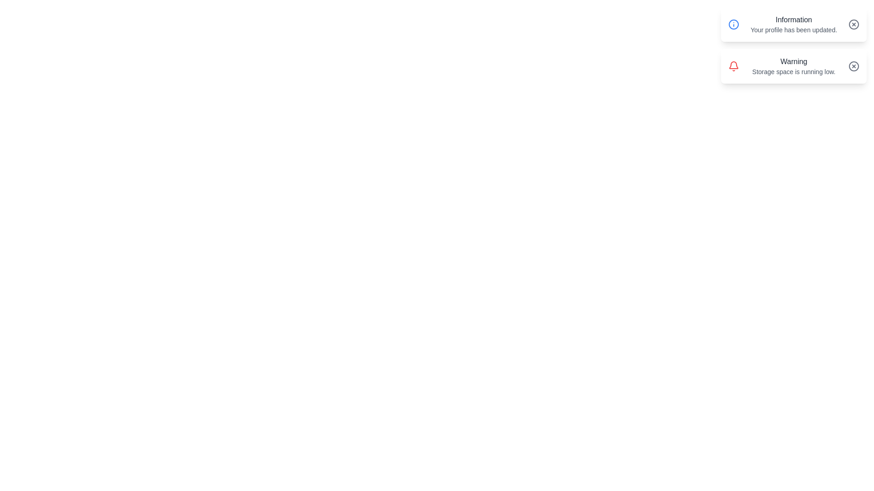  What do you see at coordinates (854, 24) in the screenshot?
I see `the circular button with an 'X' symbol, located at the top-right corner of the notification card titled 'Information', to observe the color change` at bounding box center [854, 24].